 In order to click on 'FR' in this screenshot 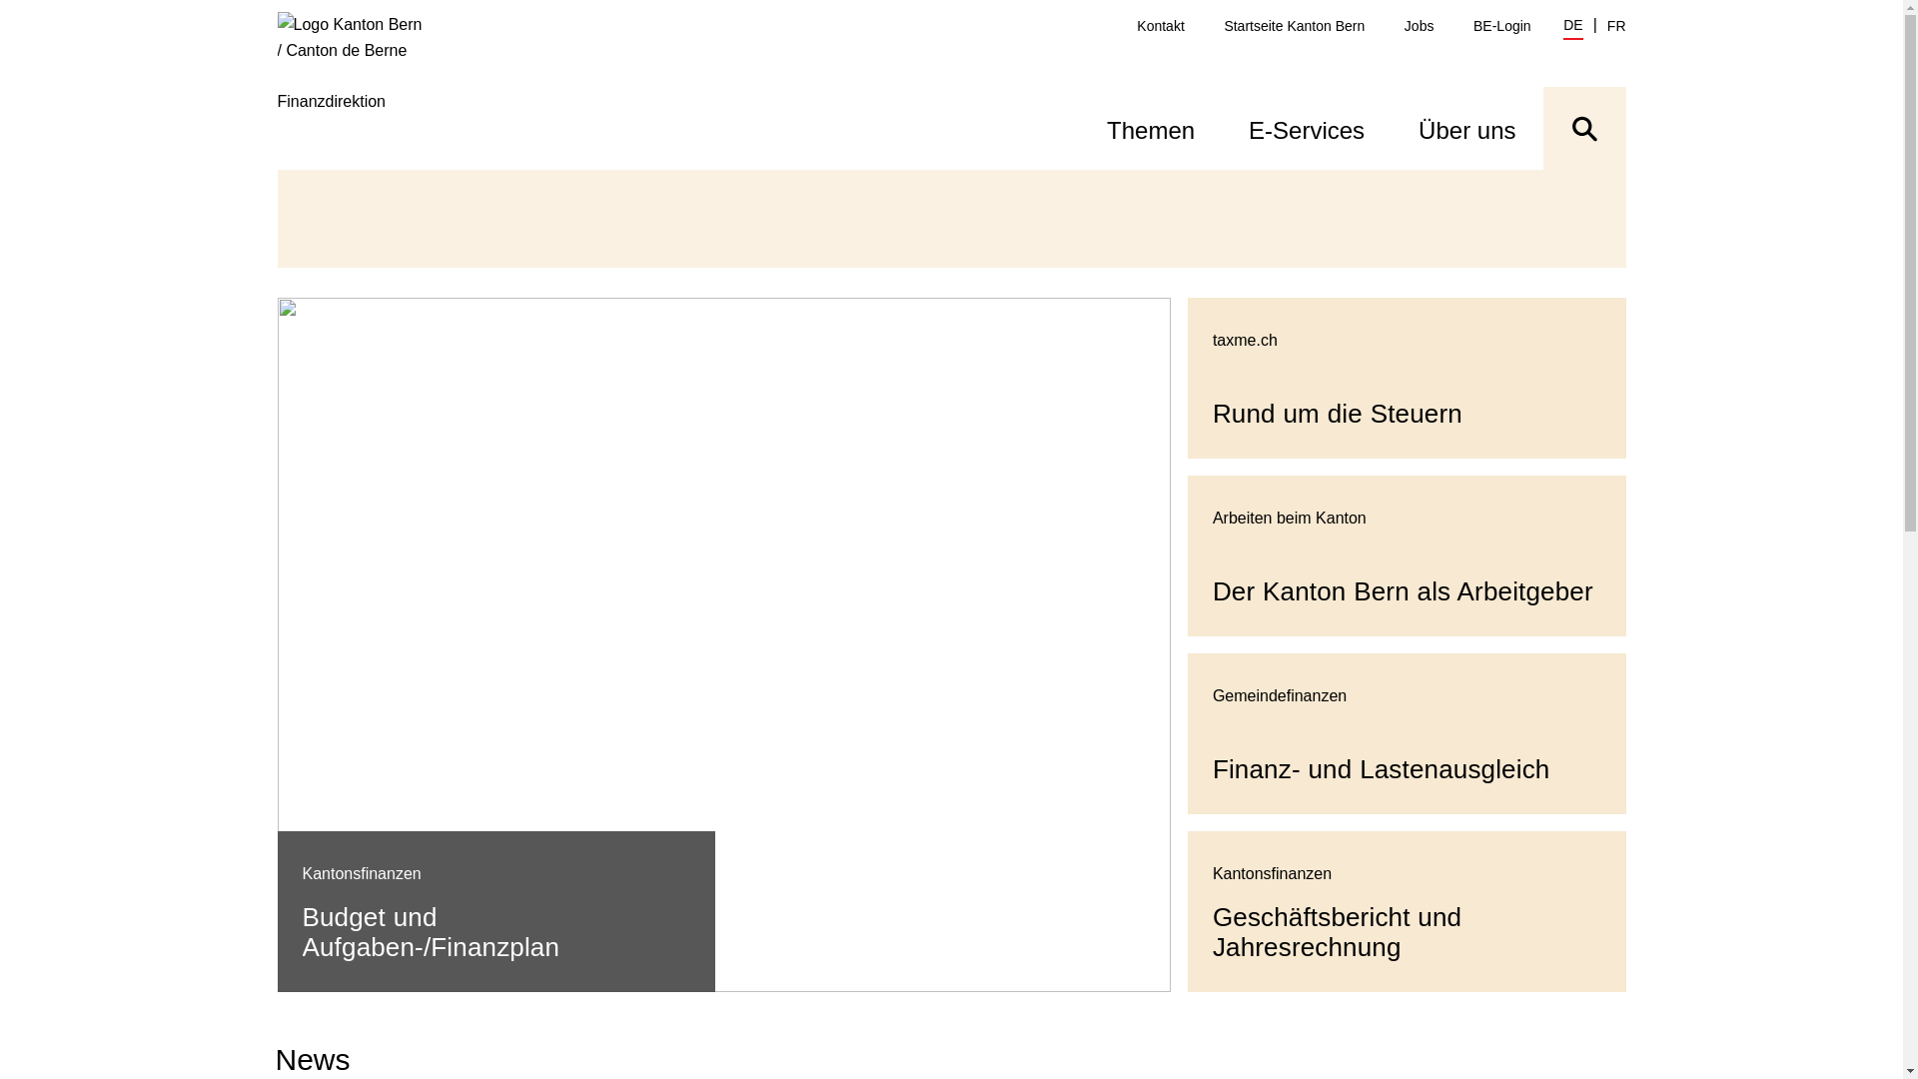, I will do `click(1616, 26)`.